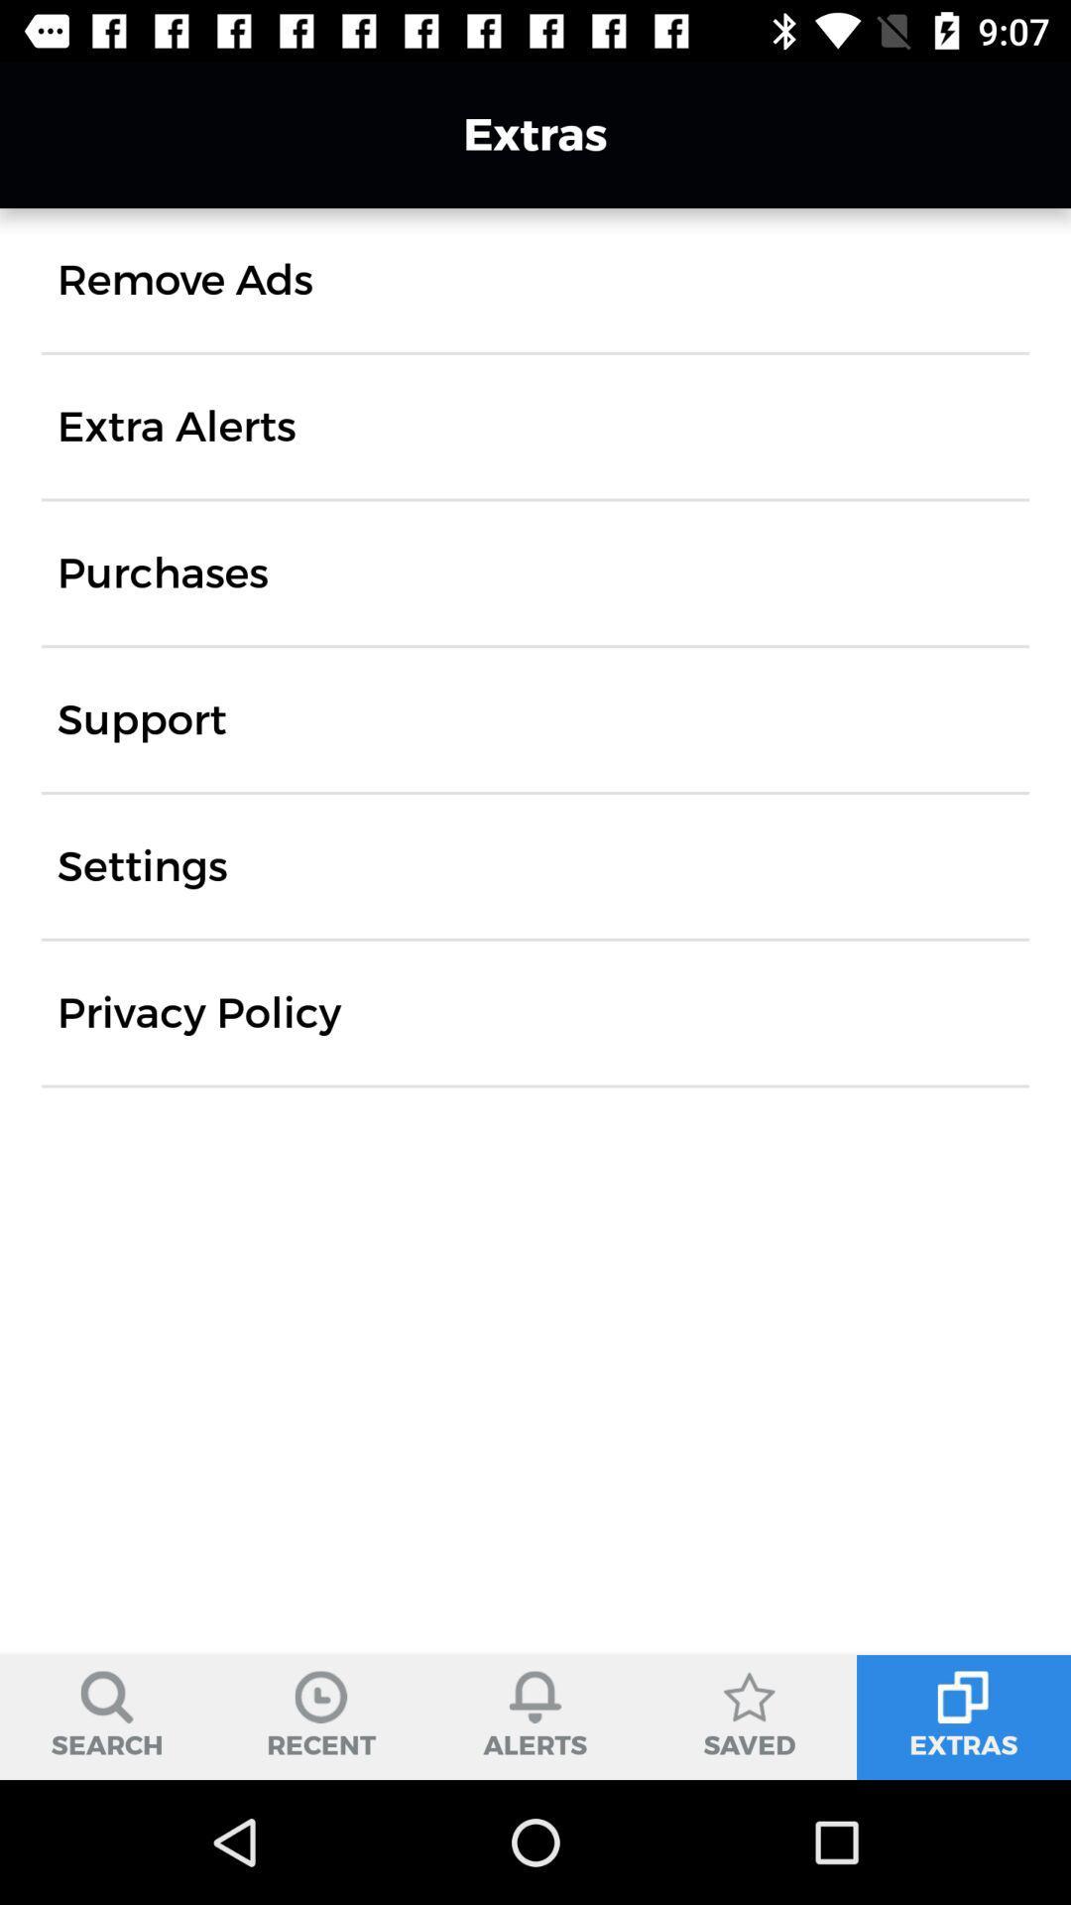 The width and height of the screenshot is (1071, 1905). What do you see at coordinates (162, 571) in the screenshot?
I see `the icon below the extra alerts icon` at bounding box center [162, 571].